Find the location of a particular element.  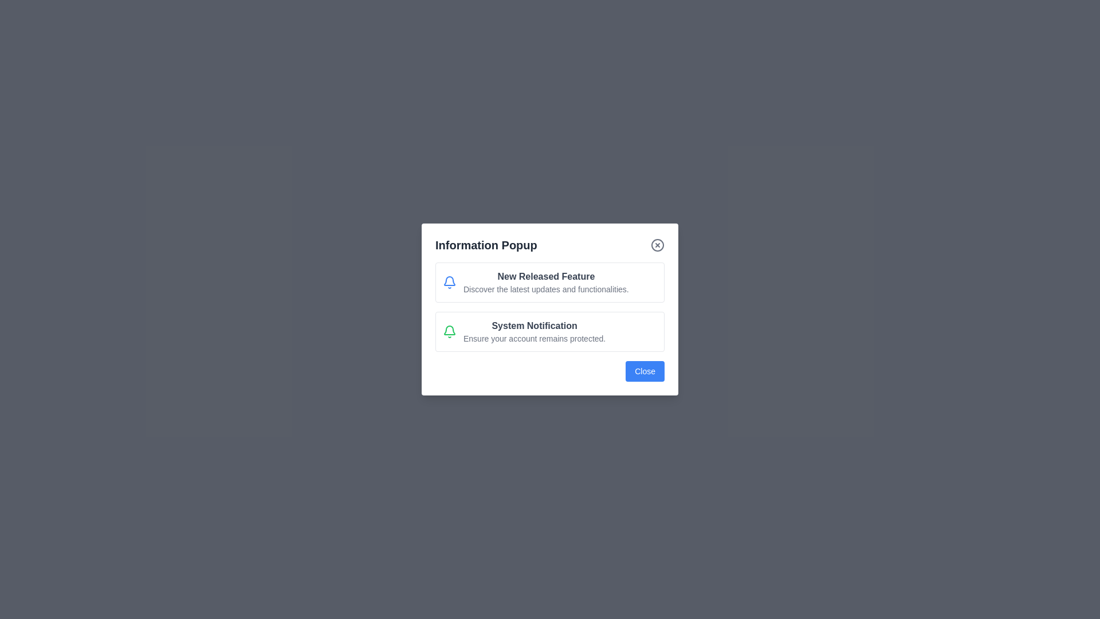

the 'X' button in the top-right corner of the dialog to close it is located at coordinates (657, 245).